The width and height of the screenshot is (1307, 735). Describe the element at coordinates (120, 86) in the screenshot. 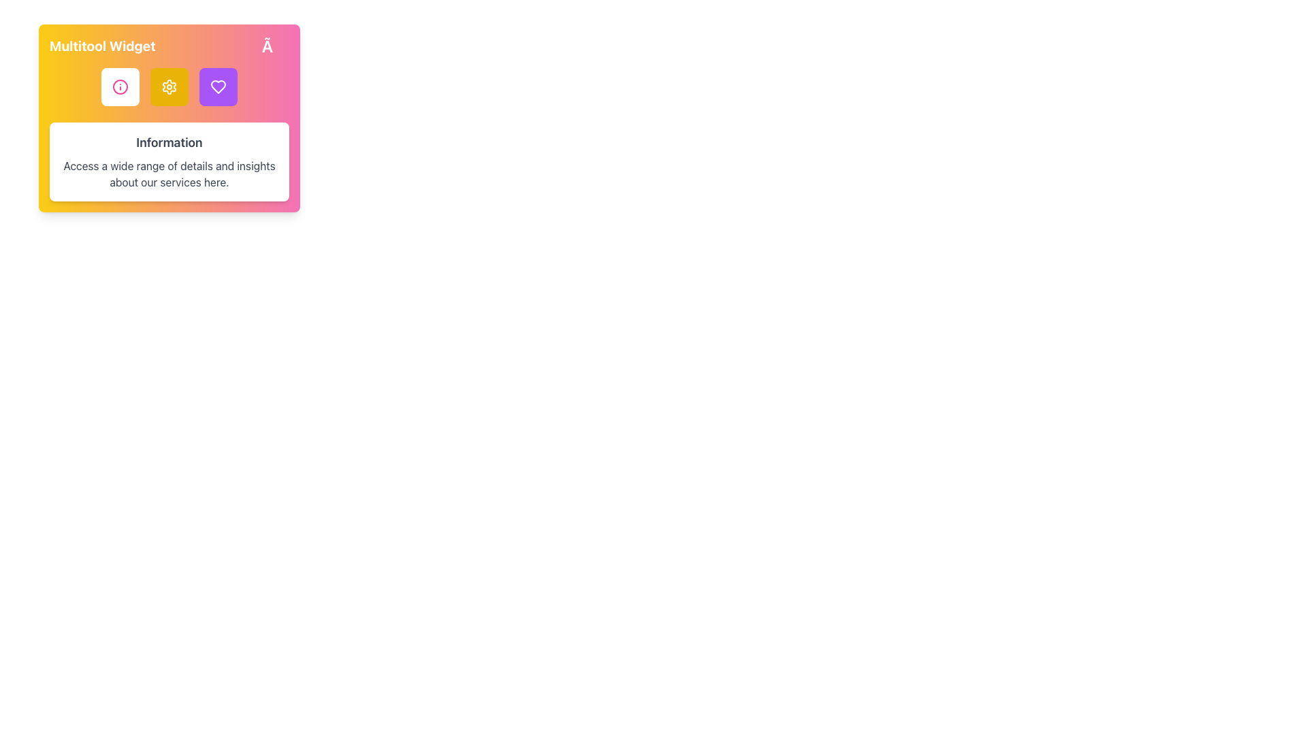

I see `the information button located below the 'Multitool Widget' heading, which is the leftmost among three buttons within a gradient-colored card` at that location.